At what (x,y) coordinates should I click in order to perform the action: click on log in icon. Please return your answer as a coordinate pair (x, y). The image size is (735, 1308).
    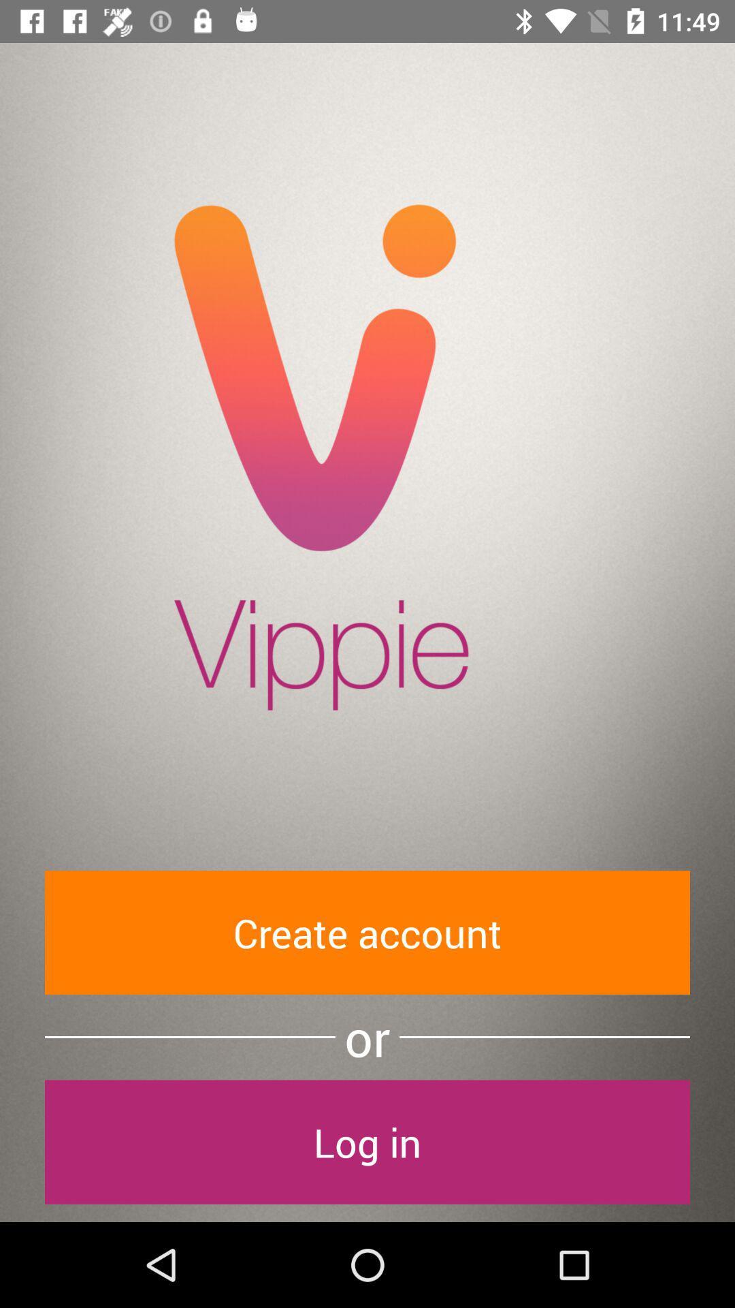
    Looking at the image, I should click on (367, 1142).